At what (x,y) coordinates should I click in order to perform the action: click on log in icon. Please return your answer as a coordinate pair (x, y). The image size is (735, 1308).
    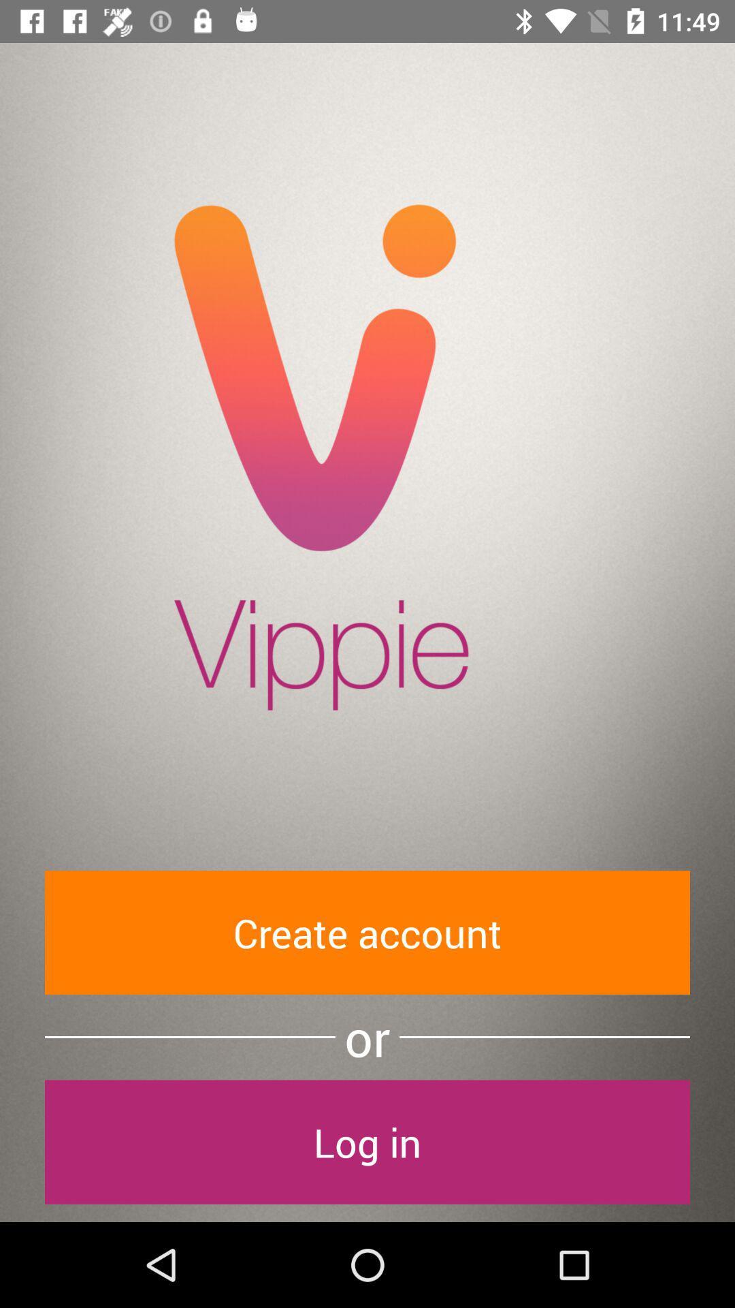
    Looking at the image, I should click on (367, 1142).